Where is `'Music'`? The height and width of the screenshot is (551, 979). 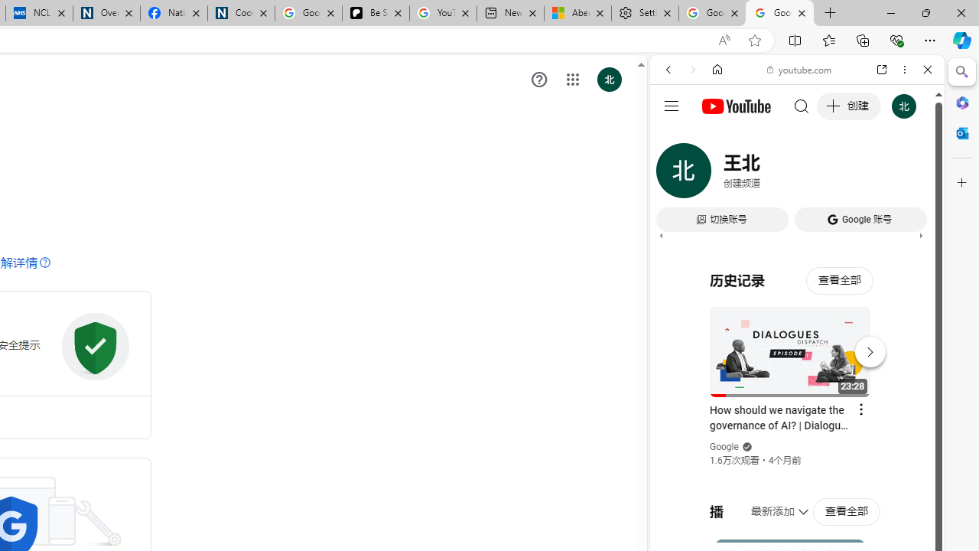 'Music' is located at coordinates (796, 416).